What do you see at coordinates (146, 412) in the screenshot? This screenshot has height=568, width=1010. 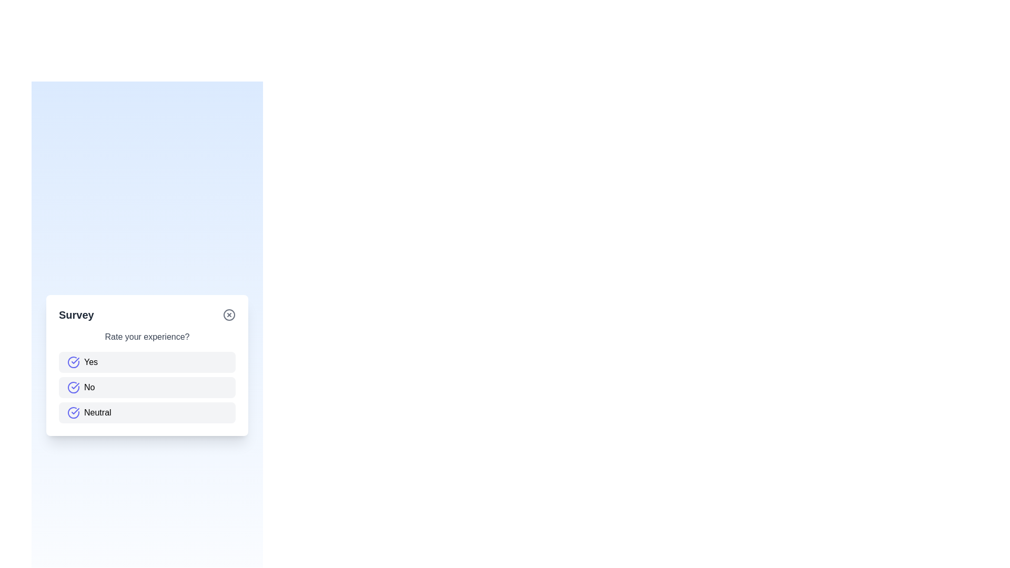 I see `the Neutral button to select the corresponding answer` at bounding box center [146, 412].